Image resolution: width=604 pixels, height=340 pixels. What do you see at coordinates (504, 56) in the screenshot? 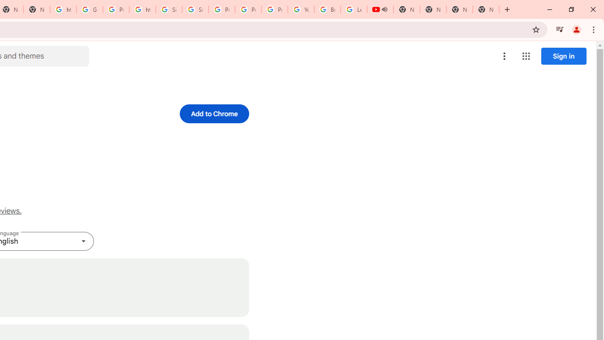
I see `'More options menu'` at bounding box center [504, 56].